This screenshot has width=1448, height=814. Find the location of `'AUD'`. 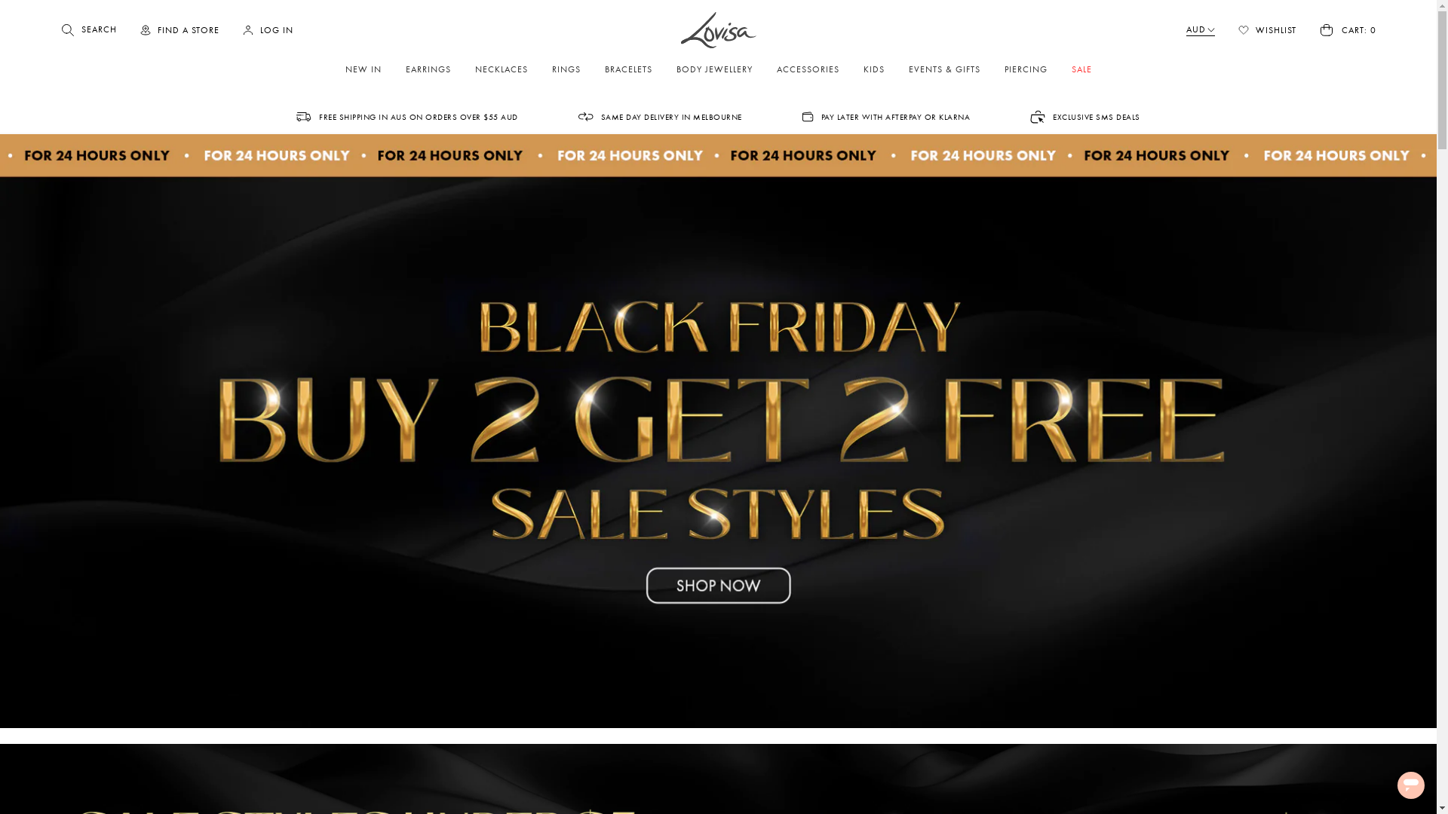

'AUD' is located at coordinates (1200, 30).